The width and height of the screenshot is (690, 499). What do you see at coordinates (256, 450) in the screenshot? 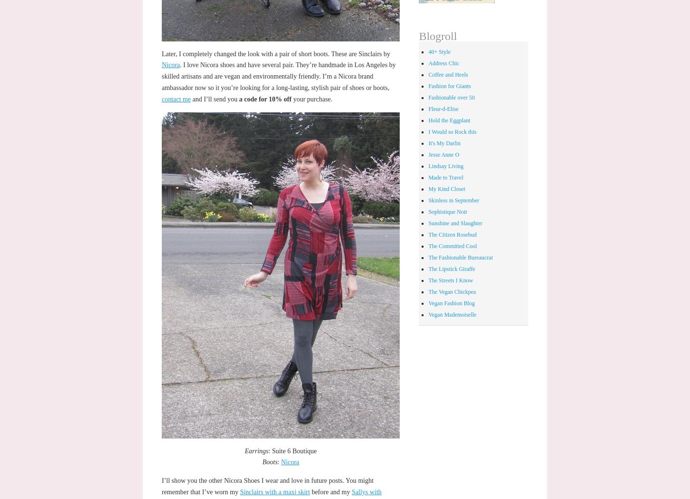
I see `'Earrings'` at bounding box center [256, 450].